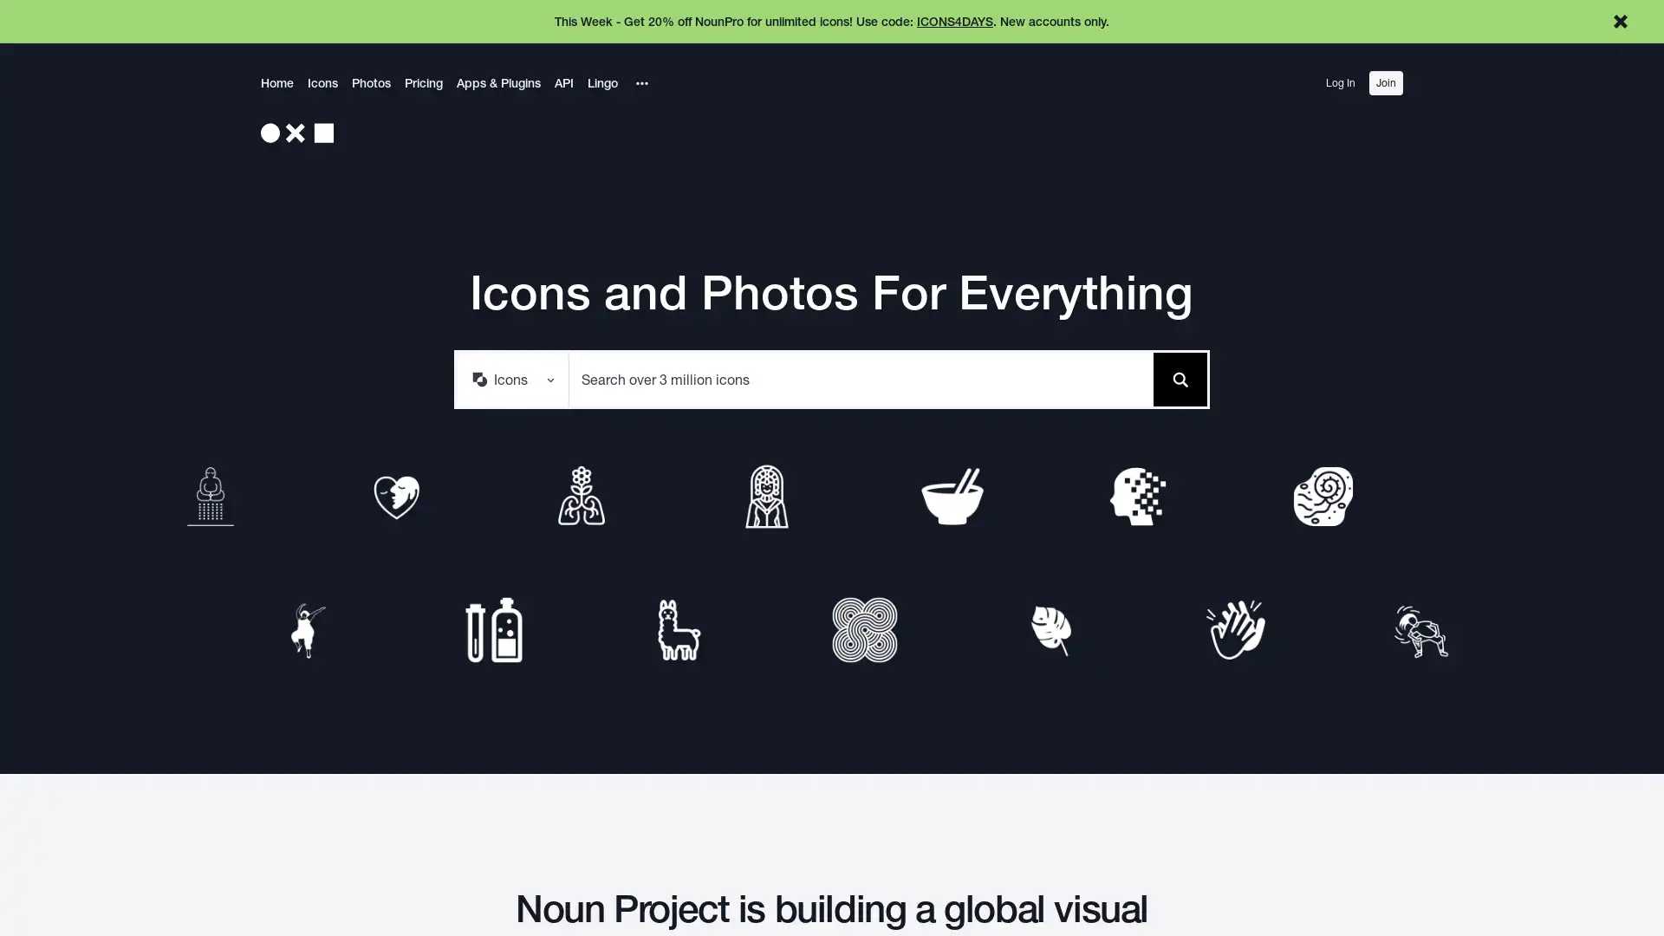 This screenshot has width=1664, height=936. I want to click on Search Type, so click(510, 377).